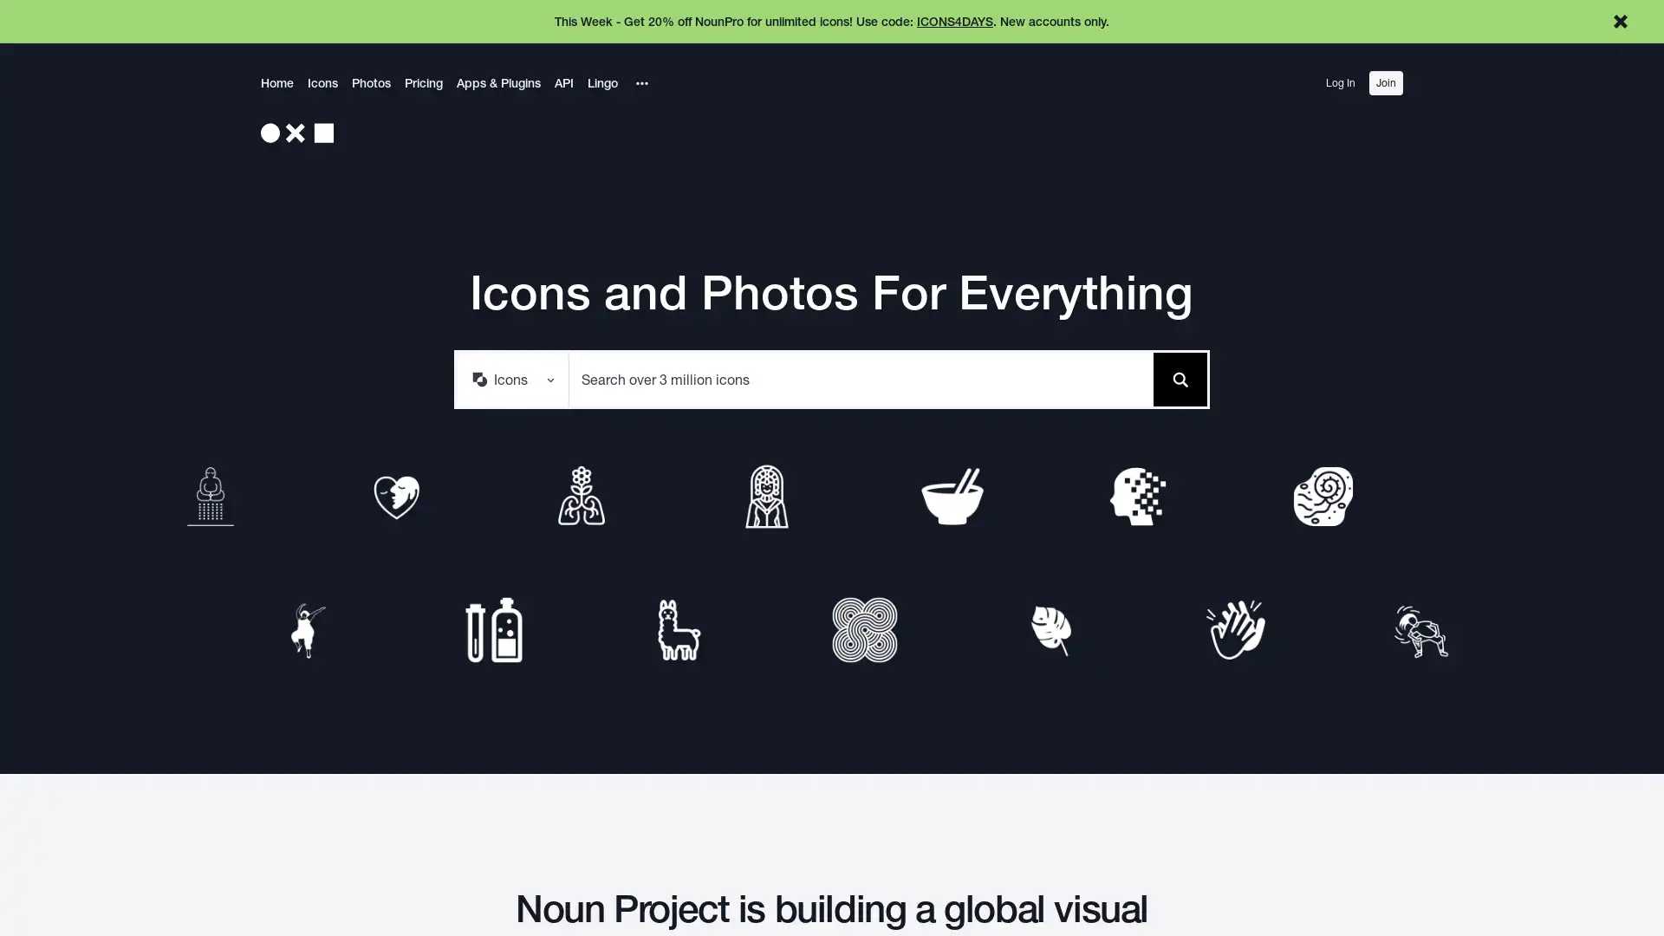 This screenshot has width=1664, height=936. I want to click on Search Type, so click(510, 377).